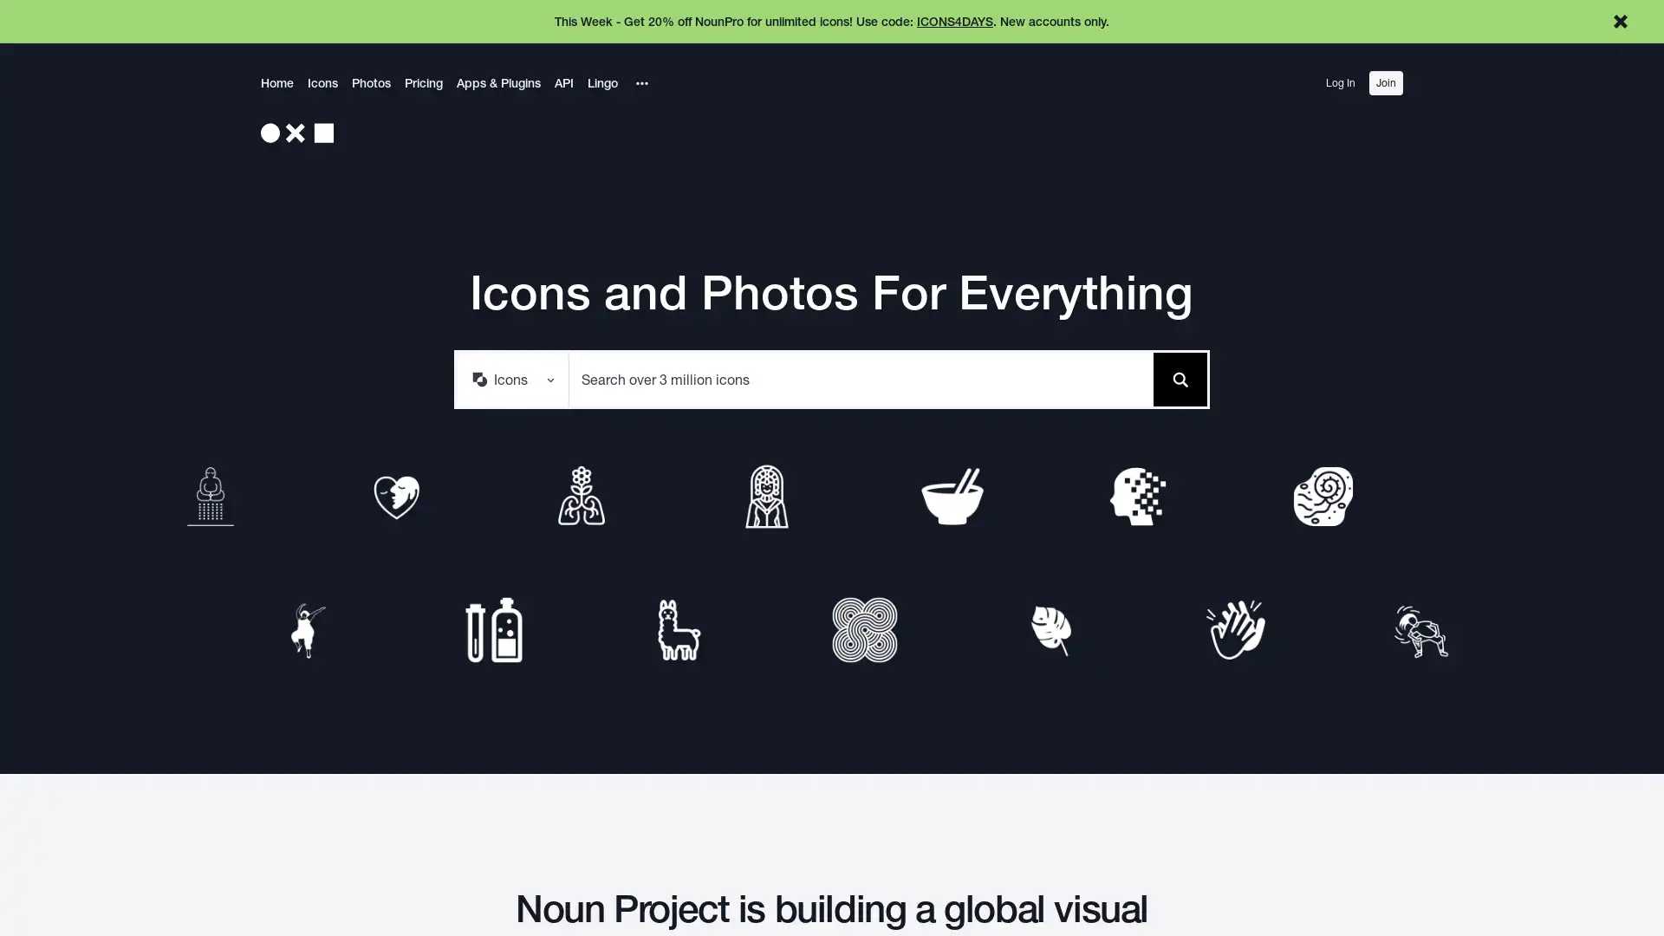 This screenshot has width=1664, height=936. I want to click on Search Type, so click(510, 377).